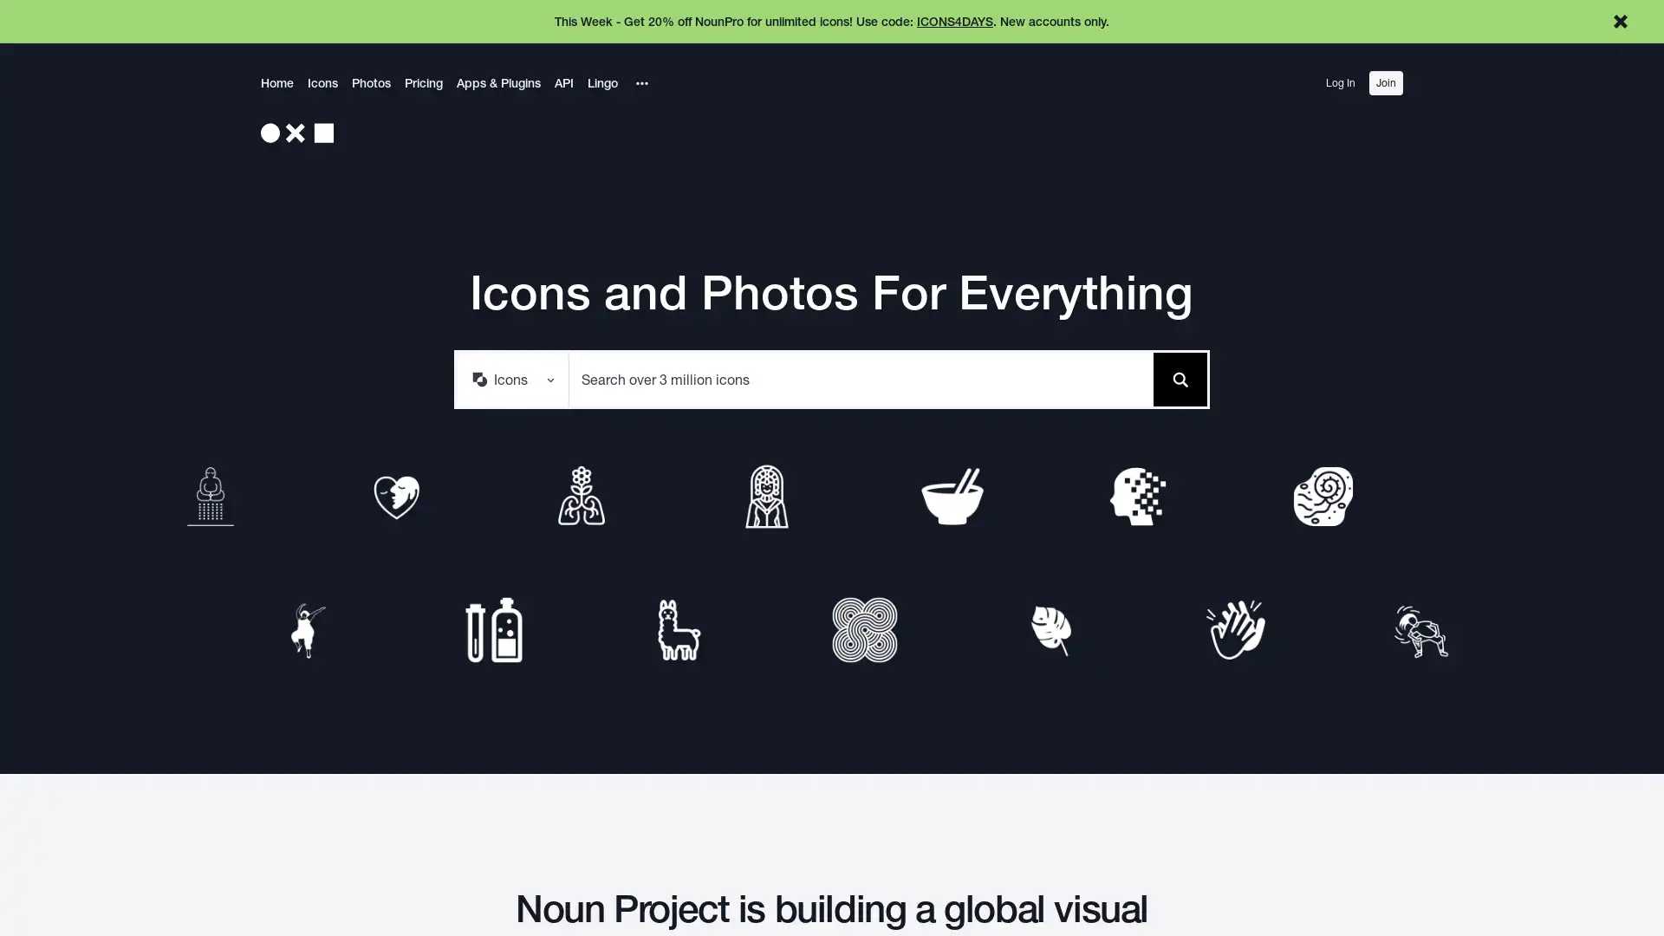 This screenshot has width=1664, height=936. I want to click on Search Type, so click(510, 377).